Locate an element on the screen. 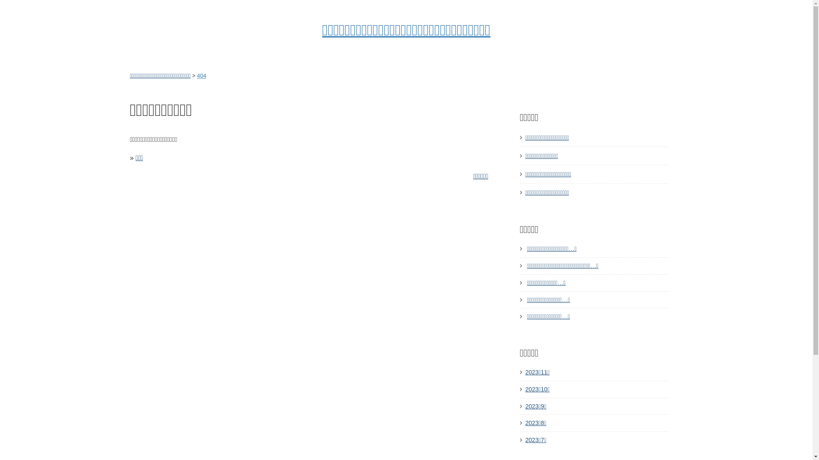  '404' is located at coordinates (196, 75).